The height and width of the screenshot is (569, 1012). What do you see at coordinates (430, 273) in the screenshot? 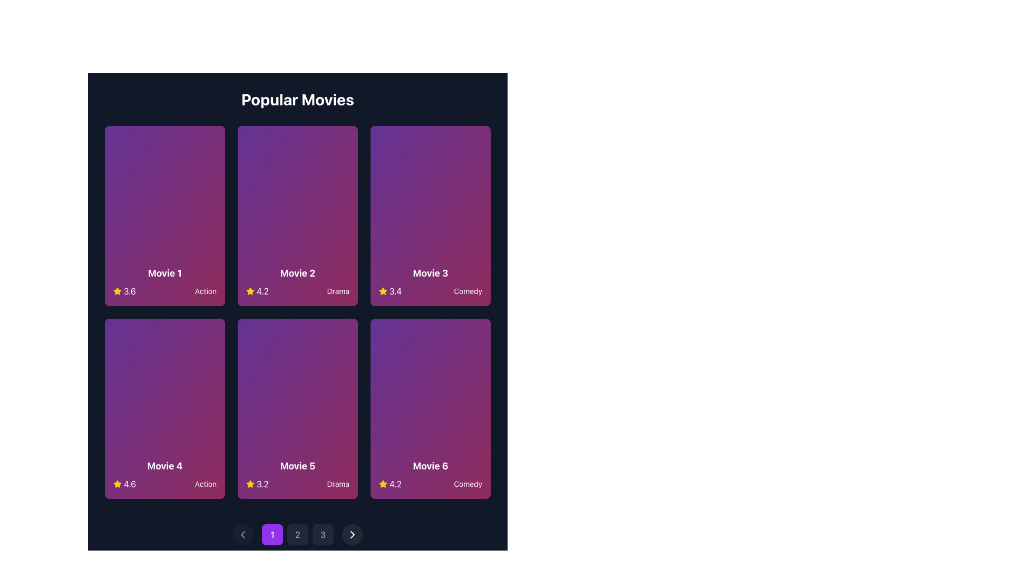
I see `the text label displaying 'Movie 3', which is a large, bold white text on a dark purple background, located in the top-right movie card of the grid layout` at bounding box center [430, 273].